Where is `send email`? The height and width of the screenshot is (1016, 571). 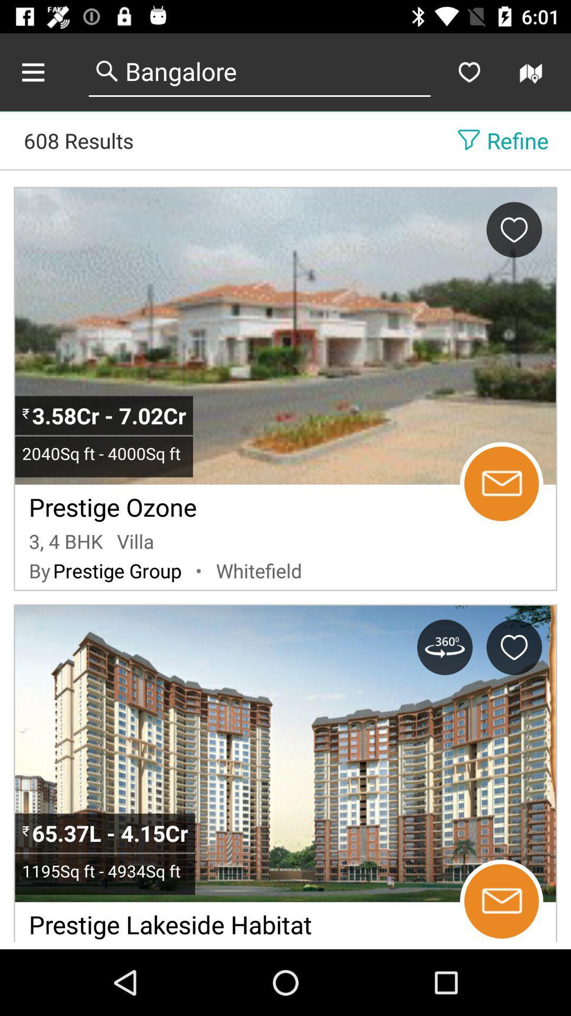 send email is located at coordinates (501, 483).